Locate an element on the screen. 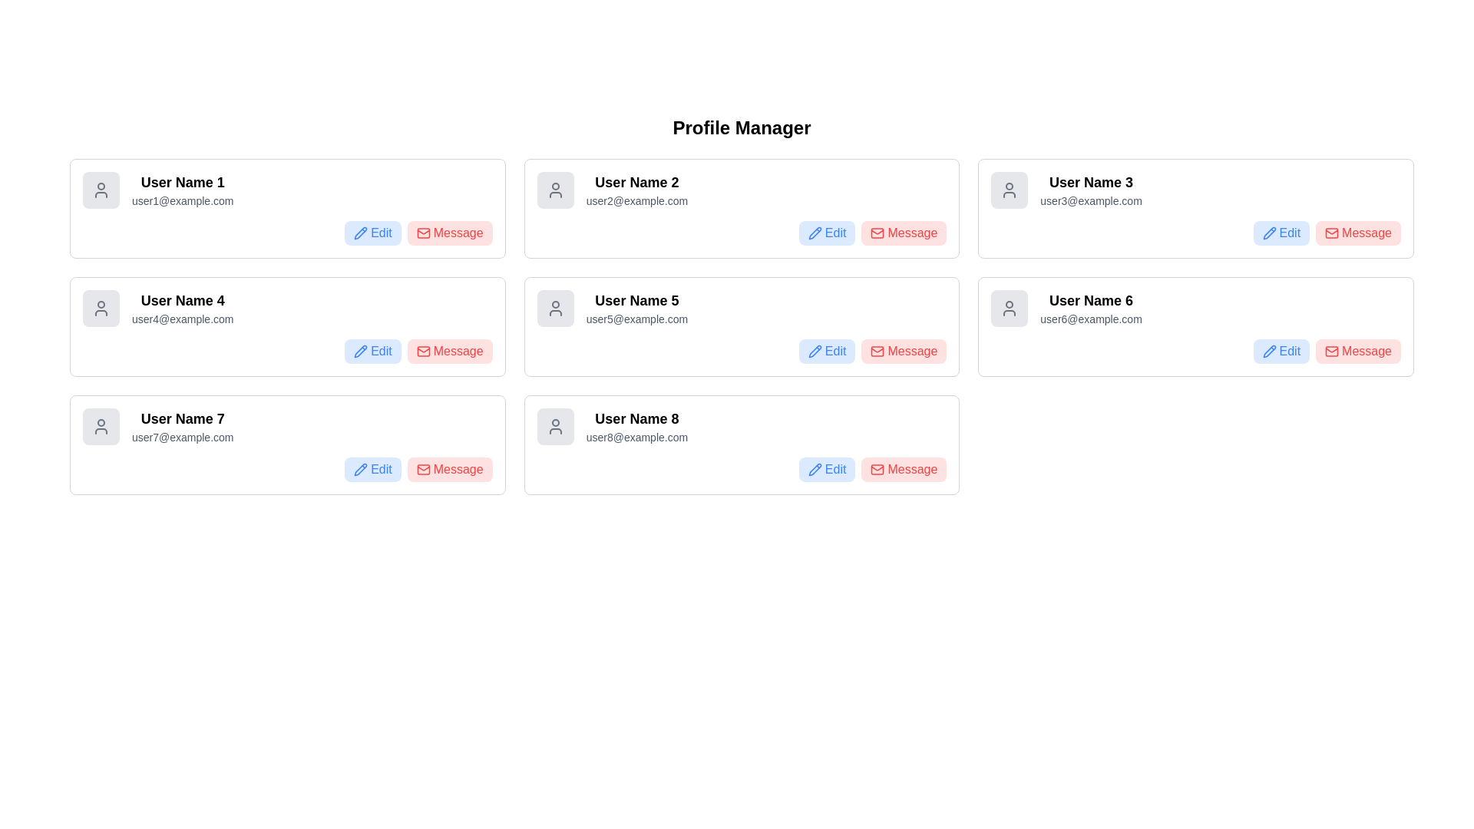 The image size is (1474, 829). the 'Message' button label, which is a bold, red text element located in the user profile card of 'User Name 2', to initiate messaging is located at coordinates (912, 233).